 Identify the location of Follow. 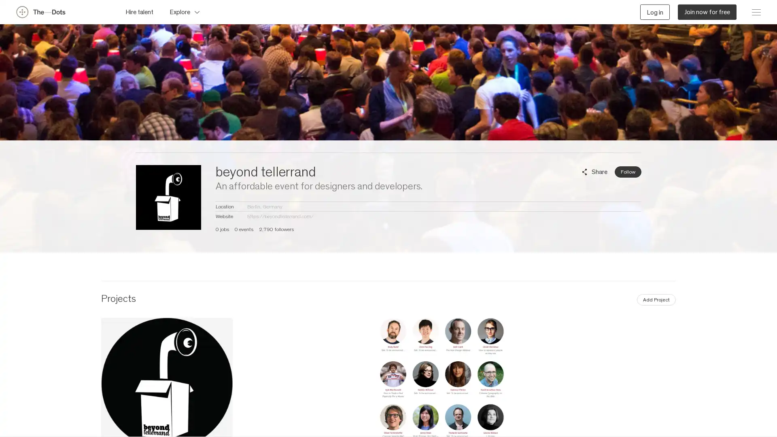
(627, 171).